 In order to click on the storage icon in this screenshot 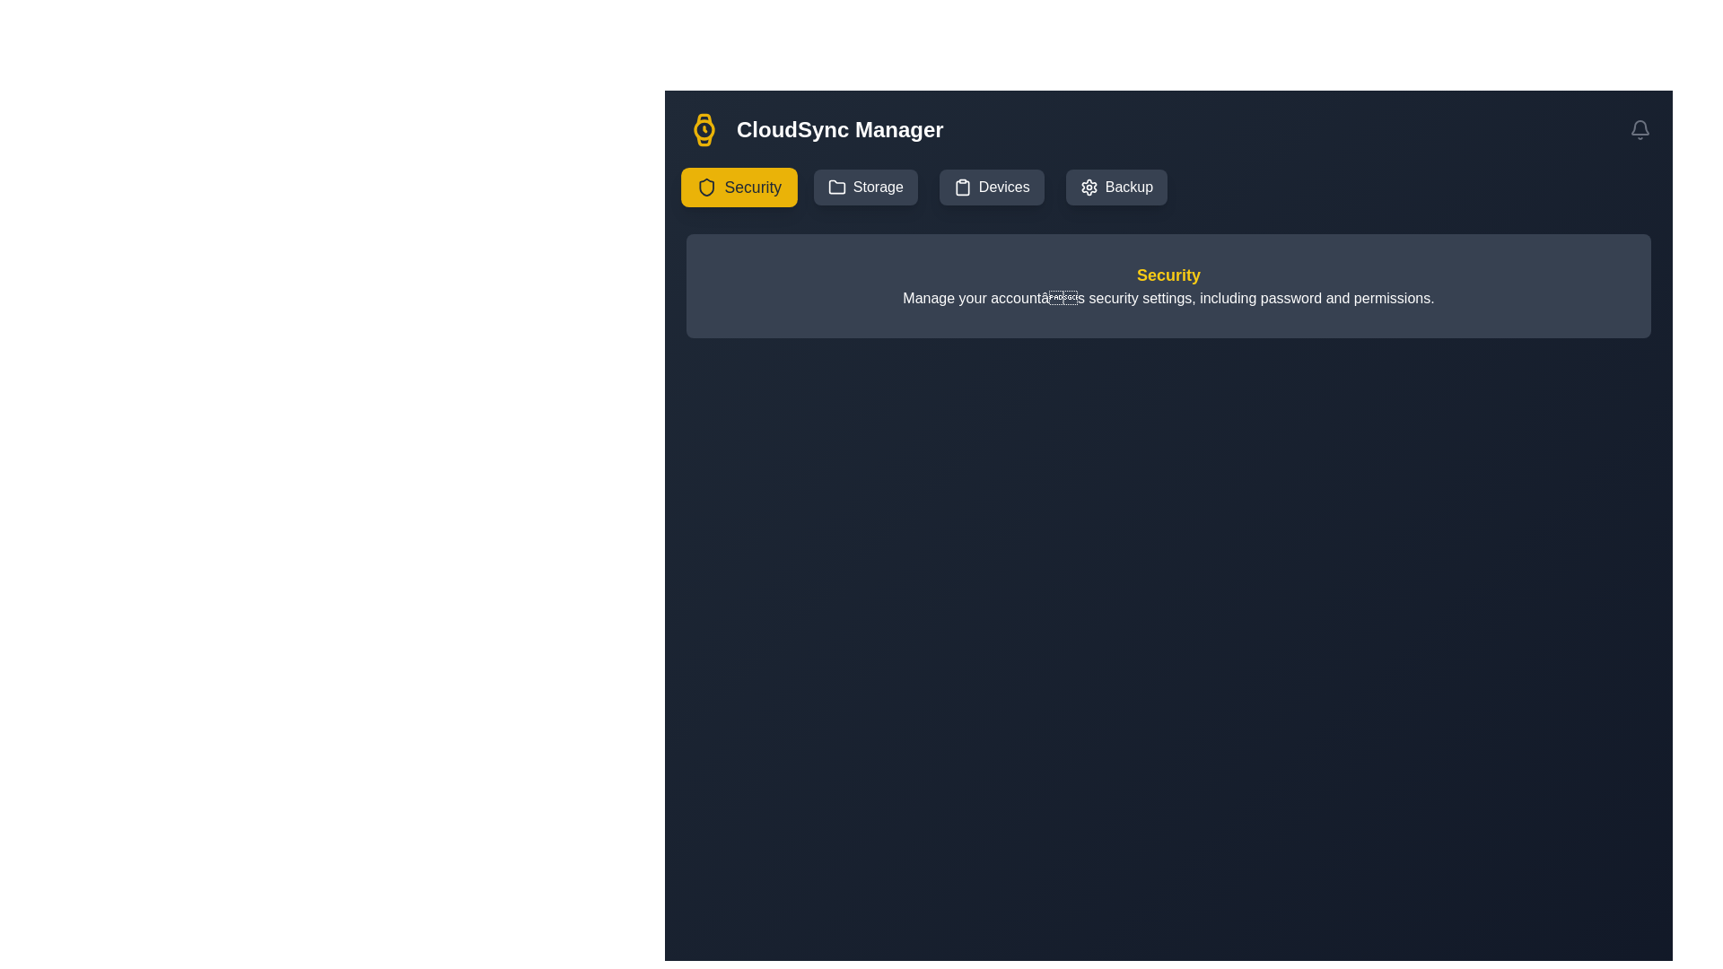, I will do `click(835, 187)`.